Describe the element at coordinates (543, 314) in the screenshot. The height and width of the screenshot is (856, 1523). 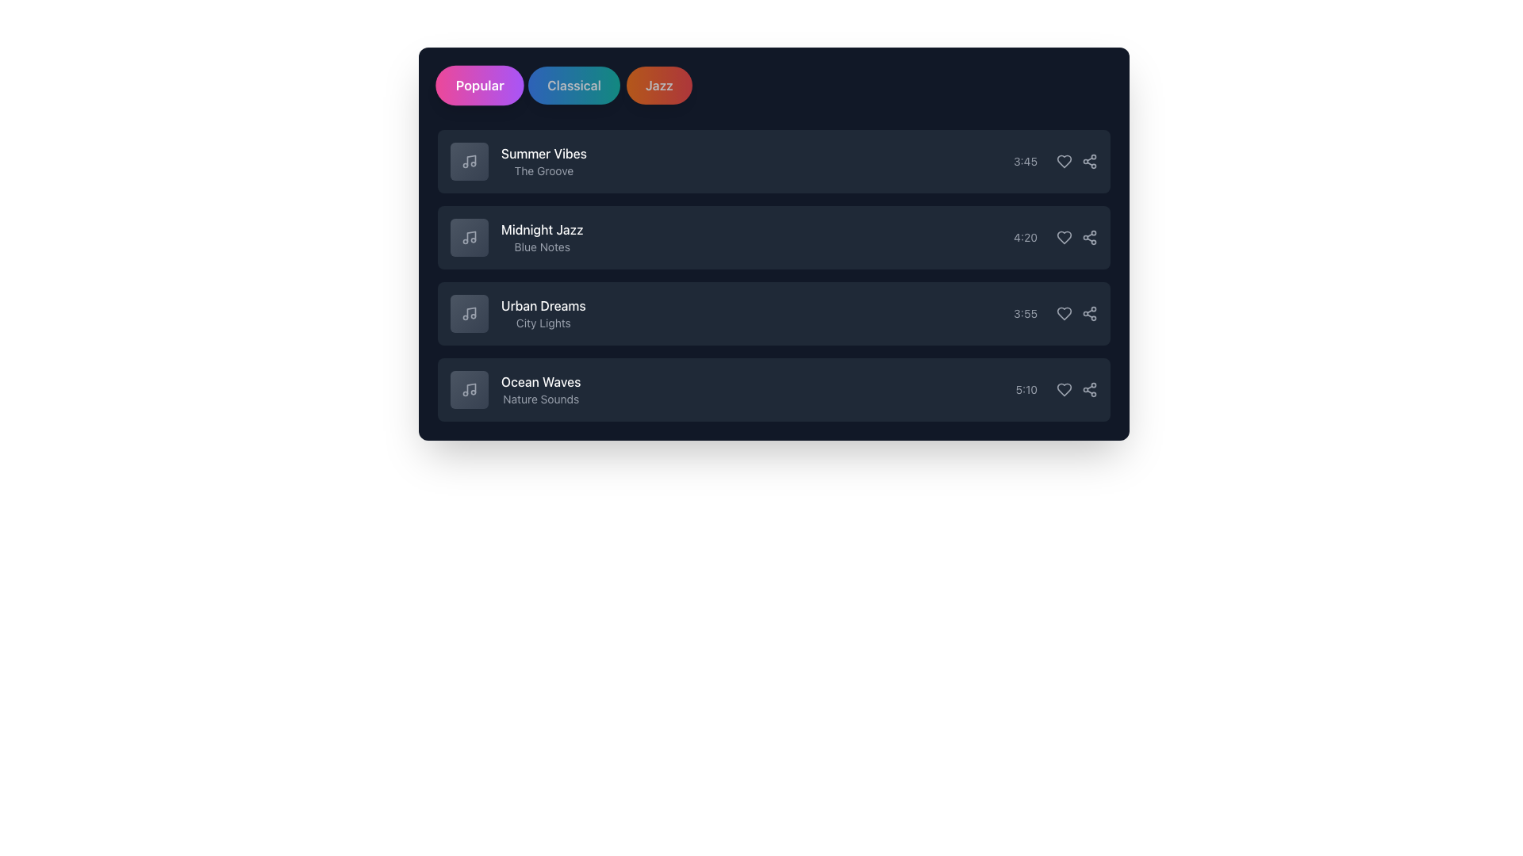
I see `the text display element showing 'Urban Dreams' followed by 'City Lights'` at that location.